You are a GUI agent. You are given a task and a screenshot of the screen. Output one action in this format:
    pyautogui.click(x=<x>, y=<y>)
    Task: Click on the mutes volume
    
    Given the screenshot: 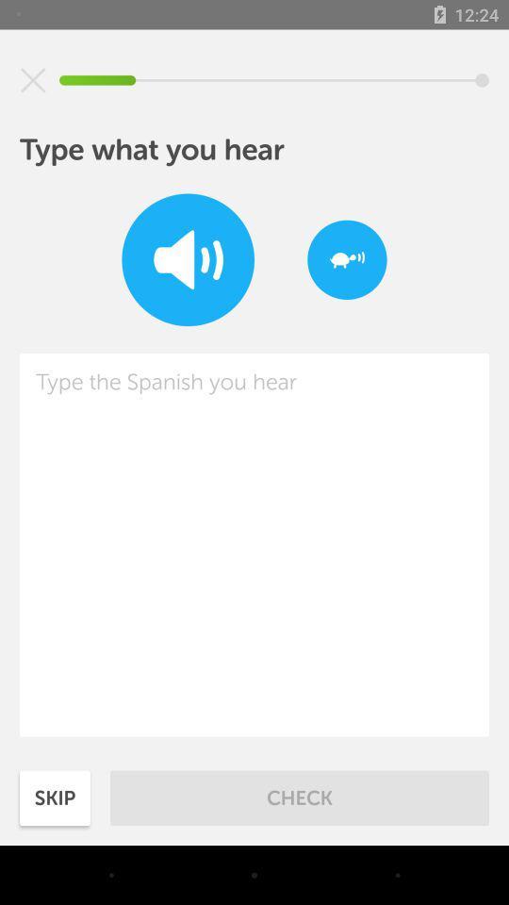 What is the action you would take?
    pyautogui.click(x=33, y=80)
    